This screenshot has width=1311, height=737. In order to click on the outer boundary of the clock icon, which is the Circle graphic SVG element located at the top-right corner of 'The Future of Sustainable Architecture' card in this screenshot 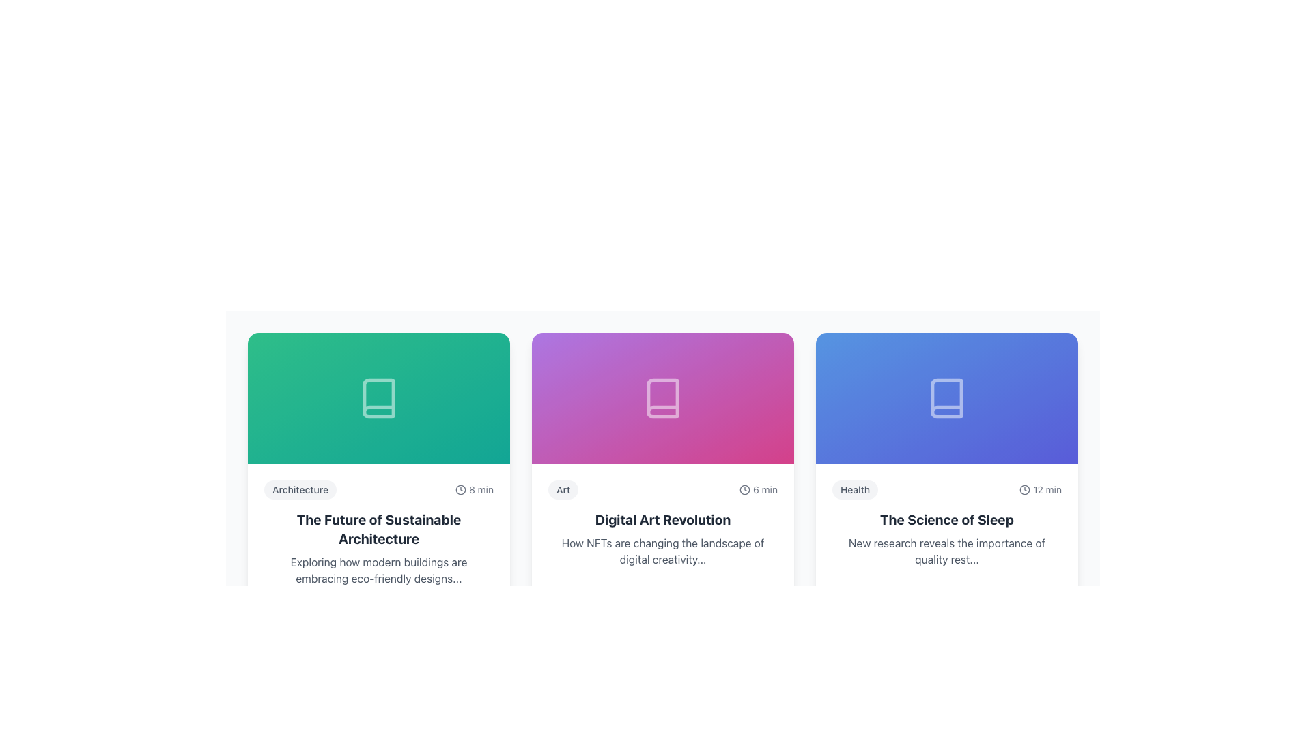, I will do `click(461, 489)`.